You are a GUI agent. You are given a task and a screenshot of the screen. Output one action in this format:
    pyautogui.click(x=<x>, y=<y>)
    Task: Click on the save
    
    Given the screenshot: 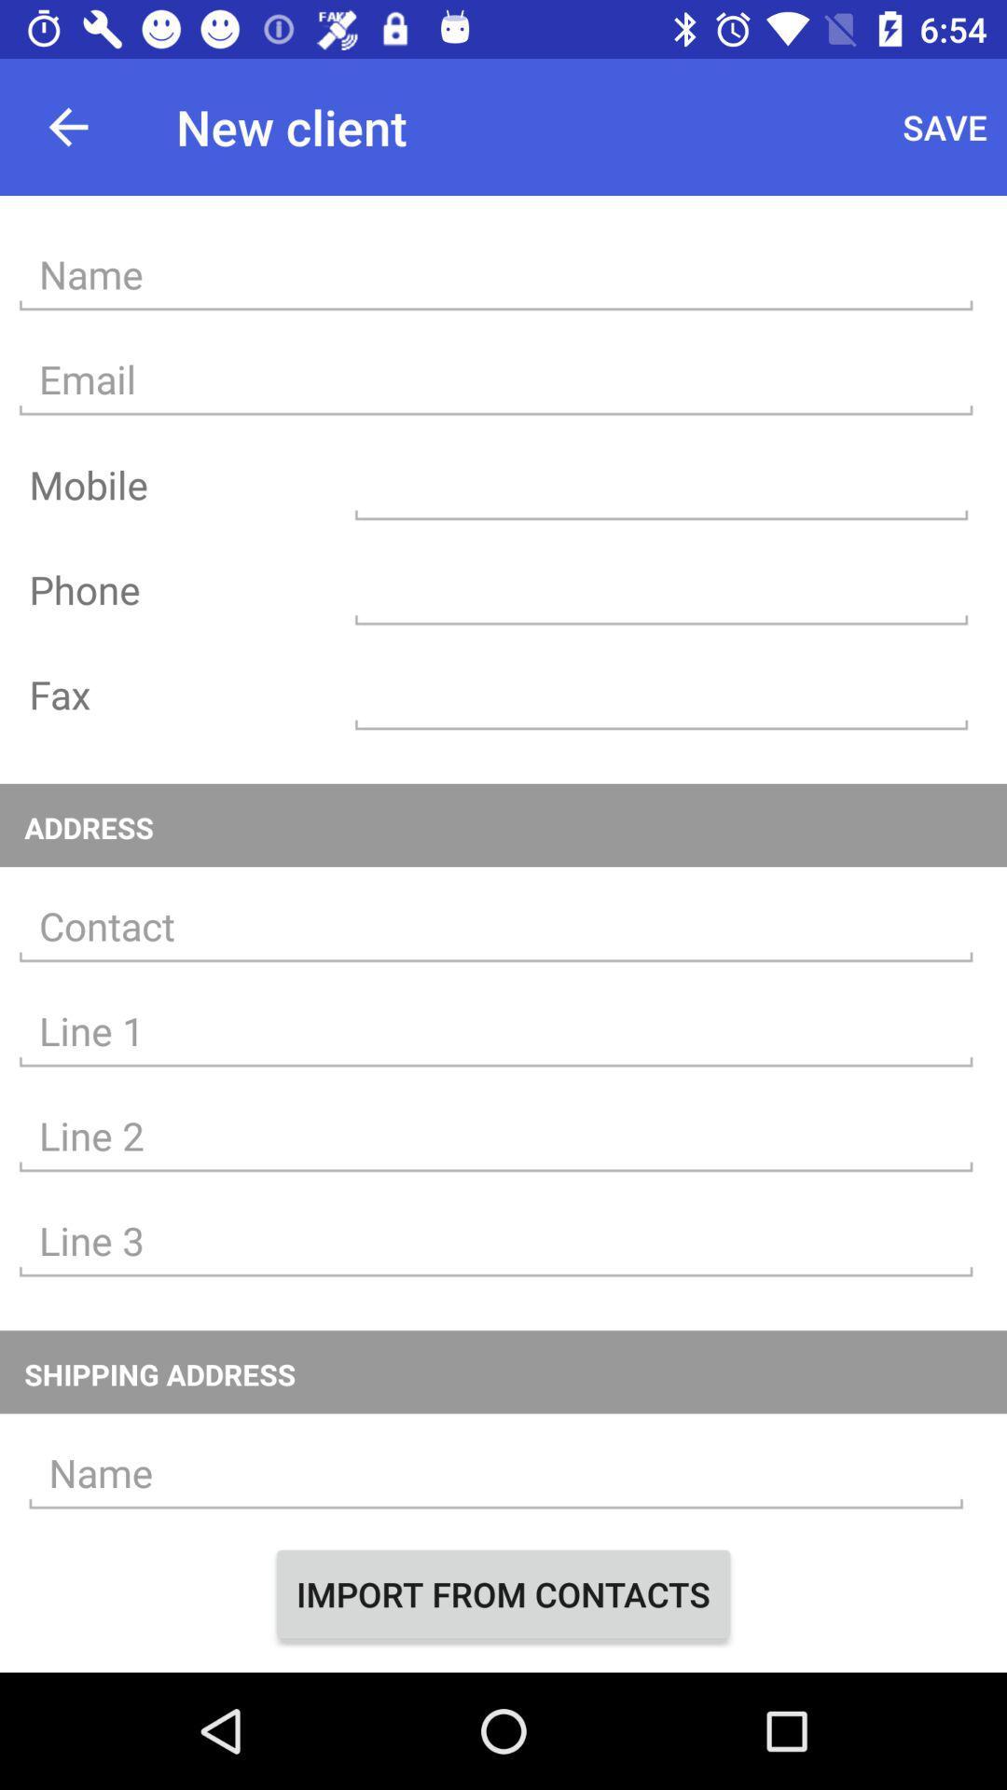 What is the action you would take?
    pyautogui.click(x=945, y=126)
    